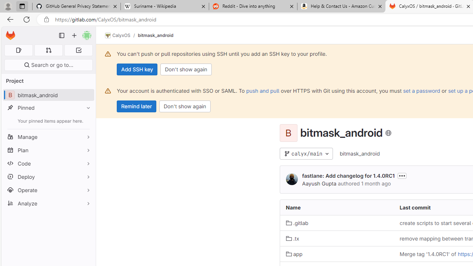 The width and height of the screenshot is (473, 266). I want to click on 'Aayush Gupta', so click(319, 183).